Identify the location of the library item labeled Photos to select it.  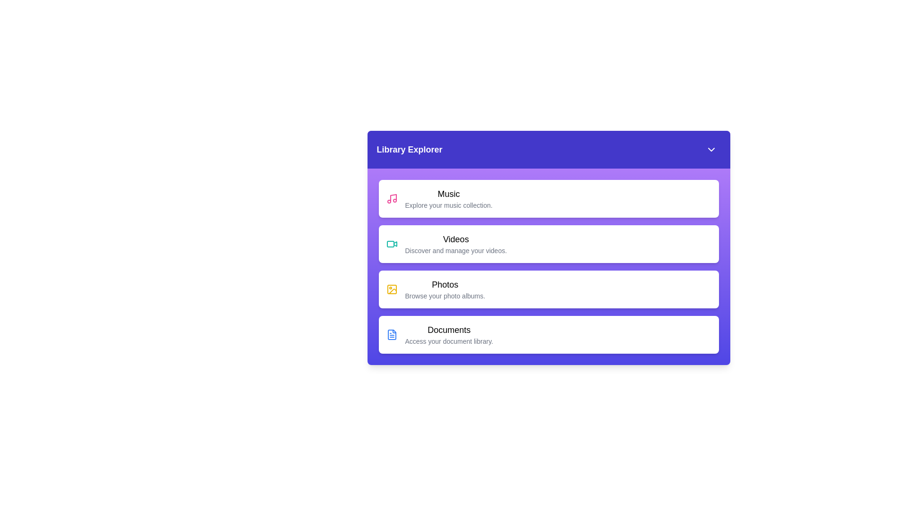
(548, 289).